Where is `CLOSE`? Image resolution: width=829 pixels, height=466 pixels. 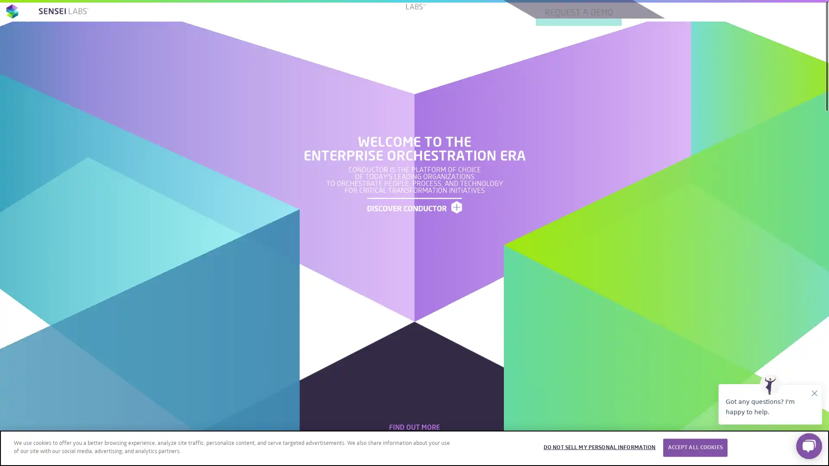
CLOSE is located at coordinates (814, 446).